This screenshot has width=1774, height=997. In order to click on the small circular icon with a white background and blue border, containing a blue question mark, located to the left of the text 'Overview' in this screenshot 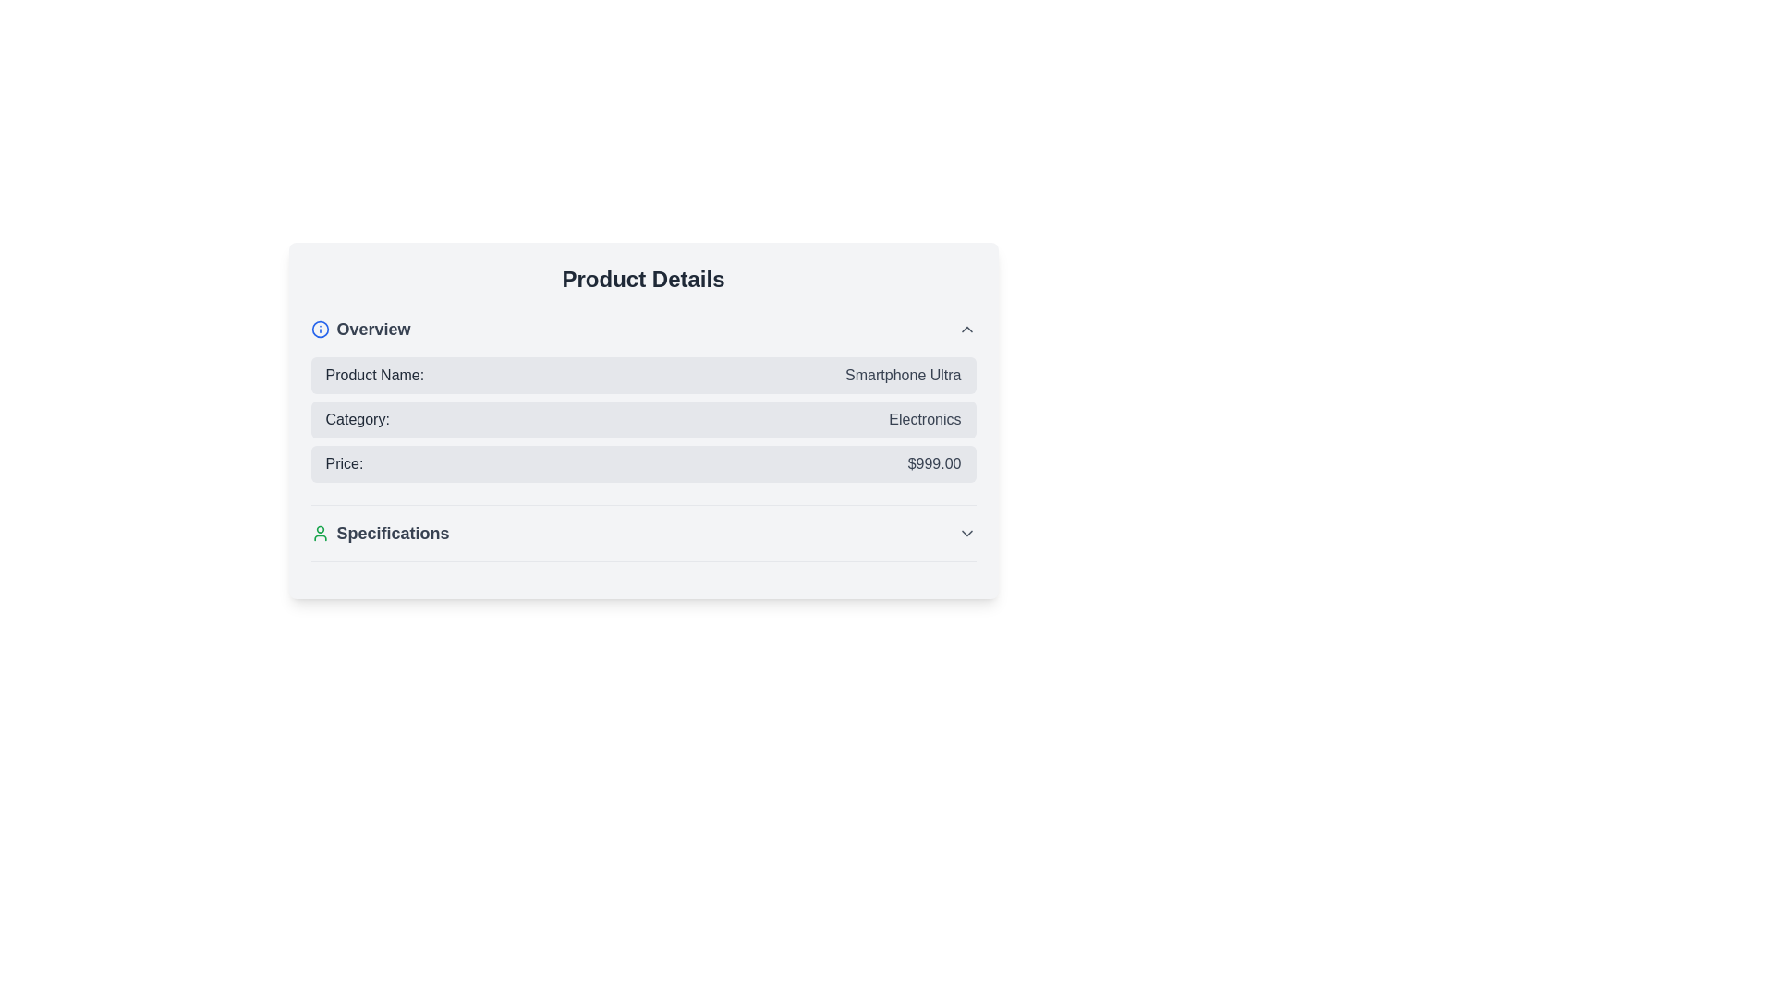, I will do `click(320, 329)`.